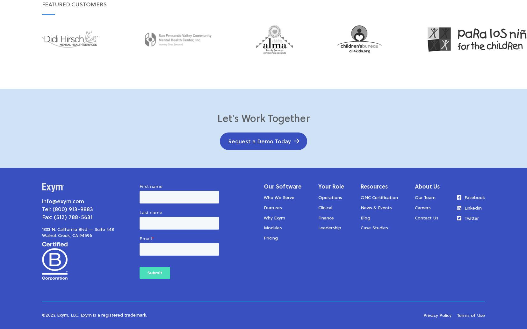 Image resolution: width=527 pixels, height=329 pixels. What do you see at coordinates (47, 217) in the screenshot?
I see `'Fax:'` at bounding box center [47, 217].